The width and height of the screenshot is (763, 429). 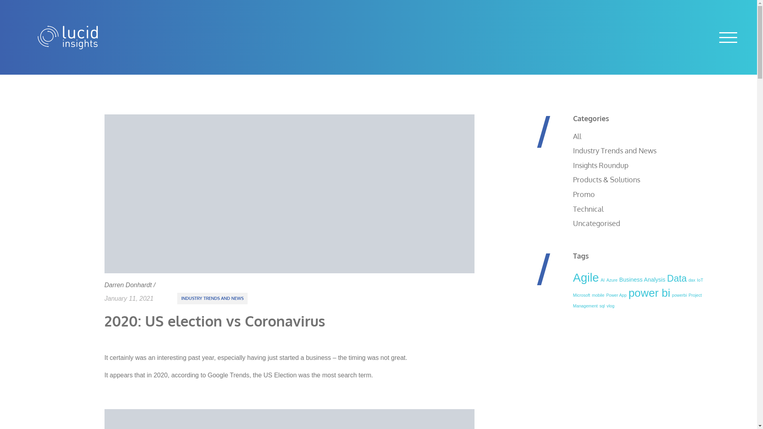 What do you see at coordinates (612, 280) in the screenshot?
I see `'Azure'` at bounding box center [612, 280].